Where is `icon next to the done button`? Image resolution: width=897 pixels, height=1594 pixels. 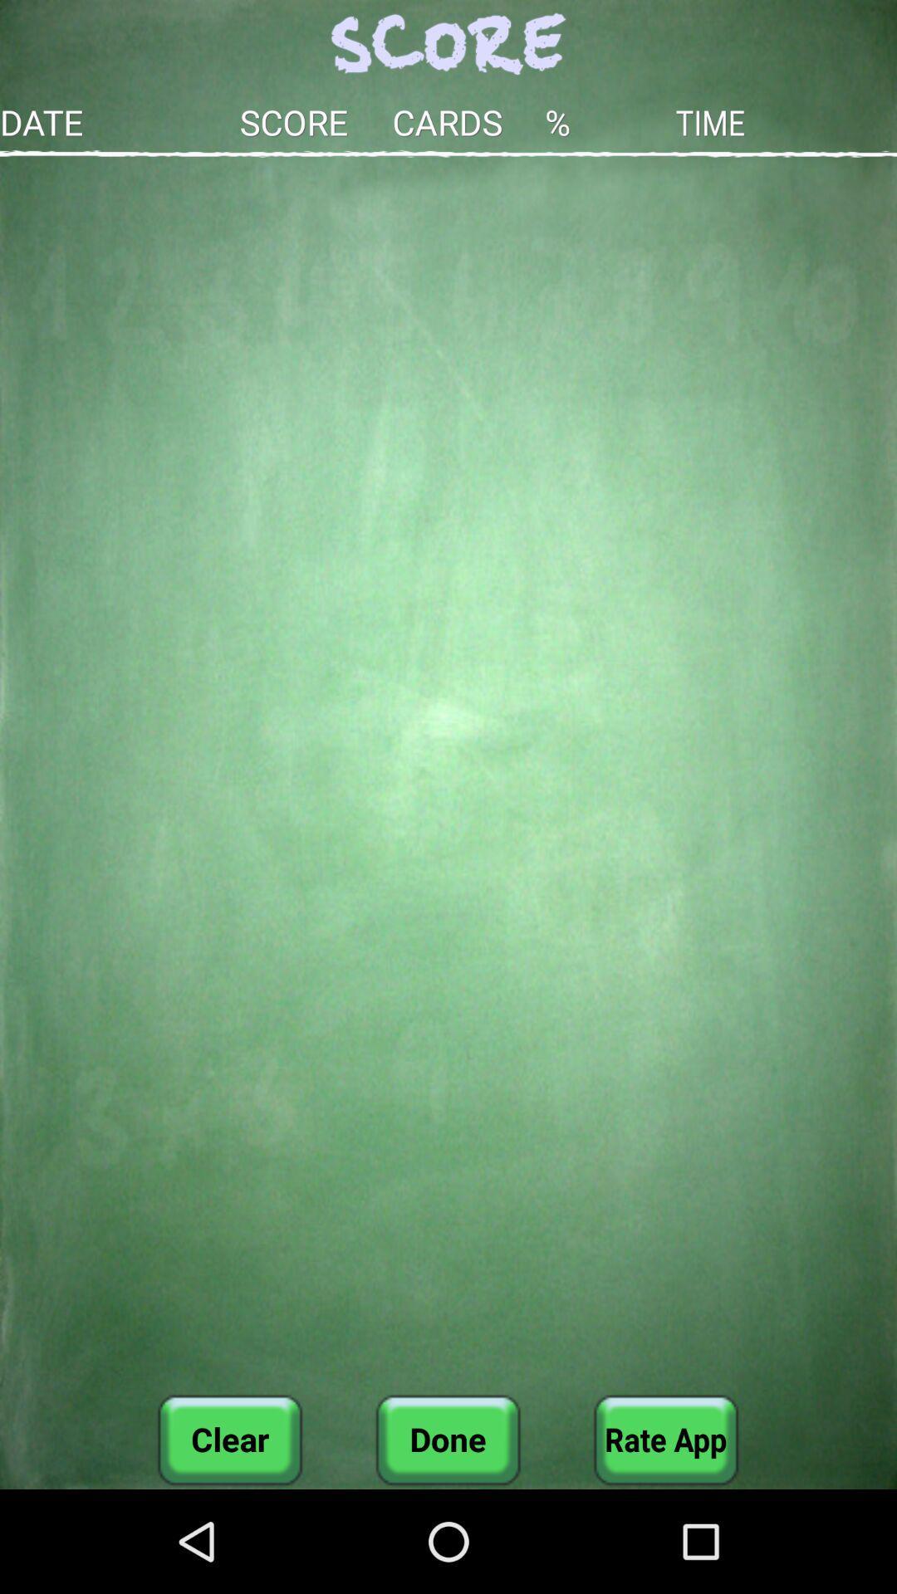
icon next to the done button is located at coordinates (665, 1439).